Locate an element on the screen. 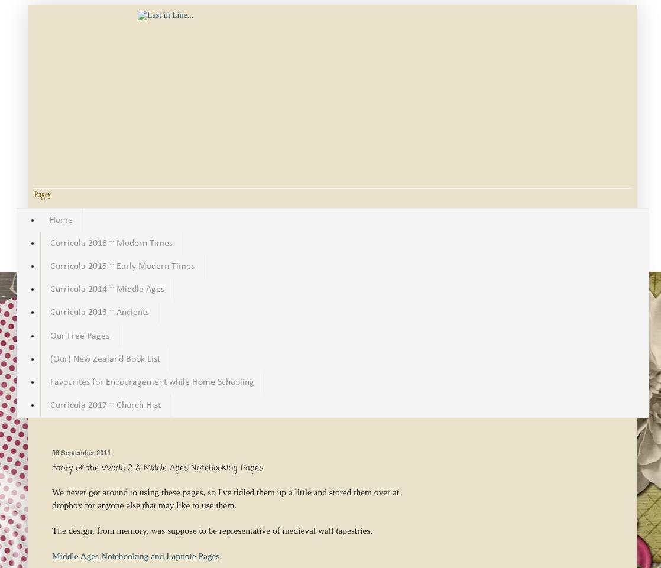  '(Our) New Zealand Book List' is located at coordinates (105, 358).